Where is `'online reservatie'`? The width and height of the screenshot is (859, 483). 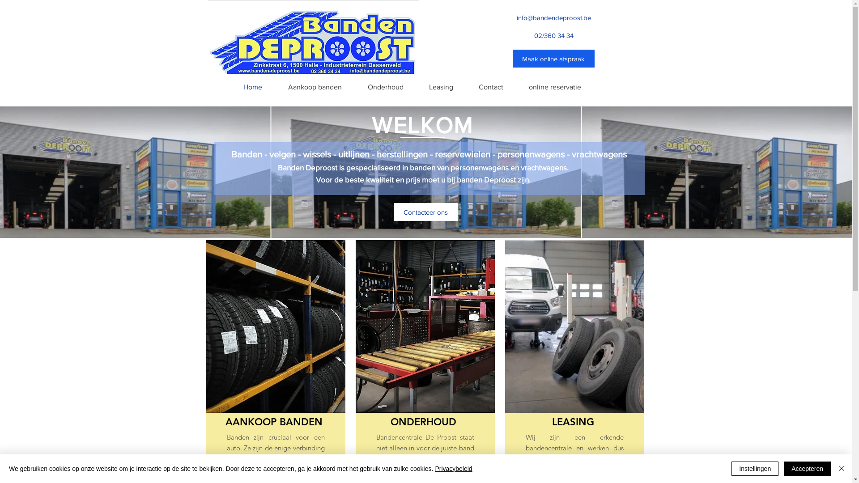
'online reservatie' is located at coordinates (555, 87).